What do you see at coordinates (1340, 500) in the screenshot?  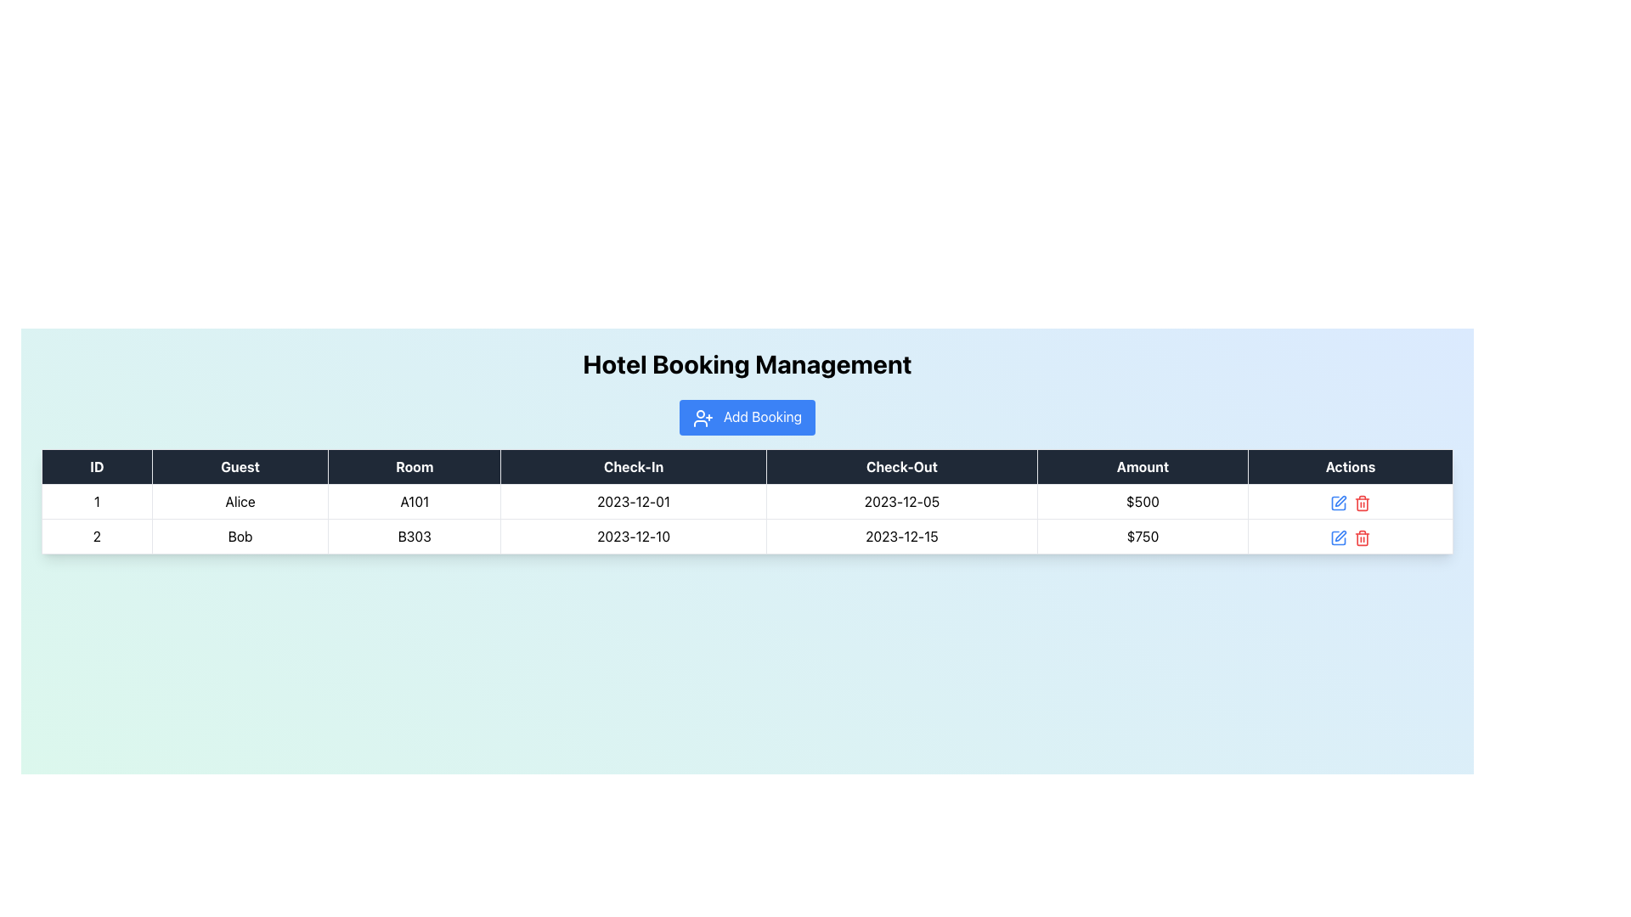 I see `the edit icon located in the 'Actions' column of the second row corresponding to 'Bob'` at bounding box center [1340, 500].